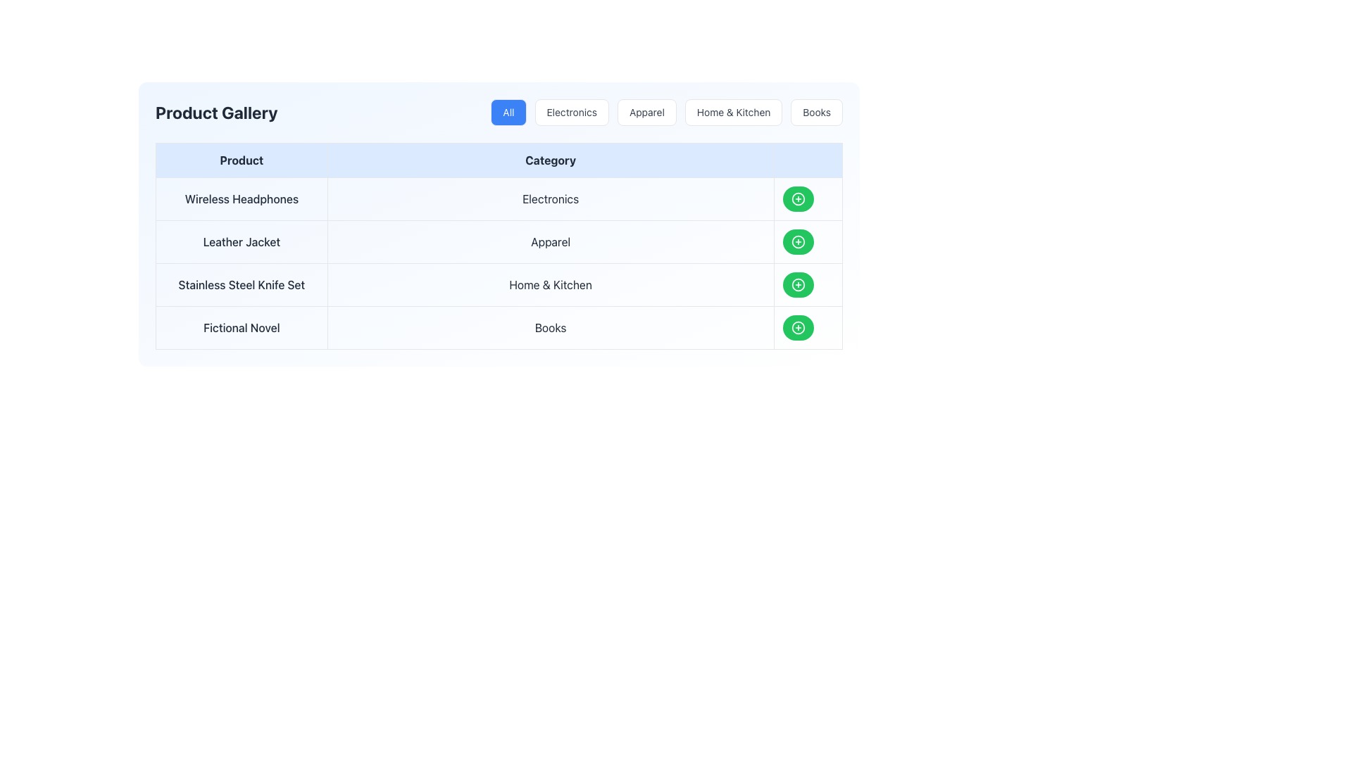 Image resolution: width=1352 pixels, height=760 pixels. Describe the element at coordinates (242, 241) in the screenshot. I see `the 'Leather Jacket' text label in the 'Product' column of the grid layout, which is located in the second row and is the first text item of that row` at that location.